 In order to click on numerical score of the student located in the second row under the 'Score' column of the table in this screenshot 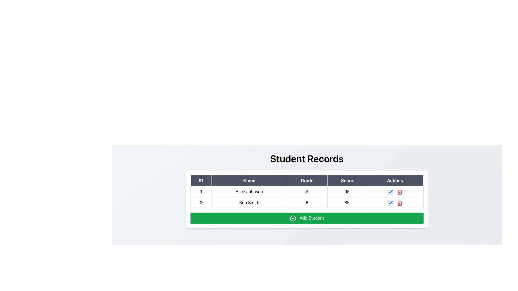, I will do `click(347, 203)`.